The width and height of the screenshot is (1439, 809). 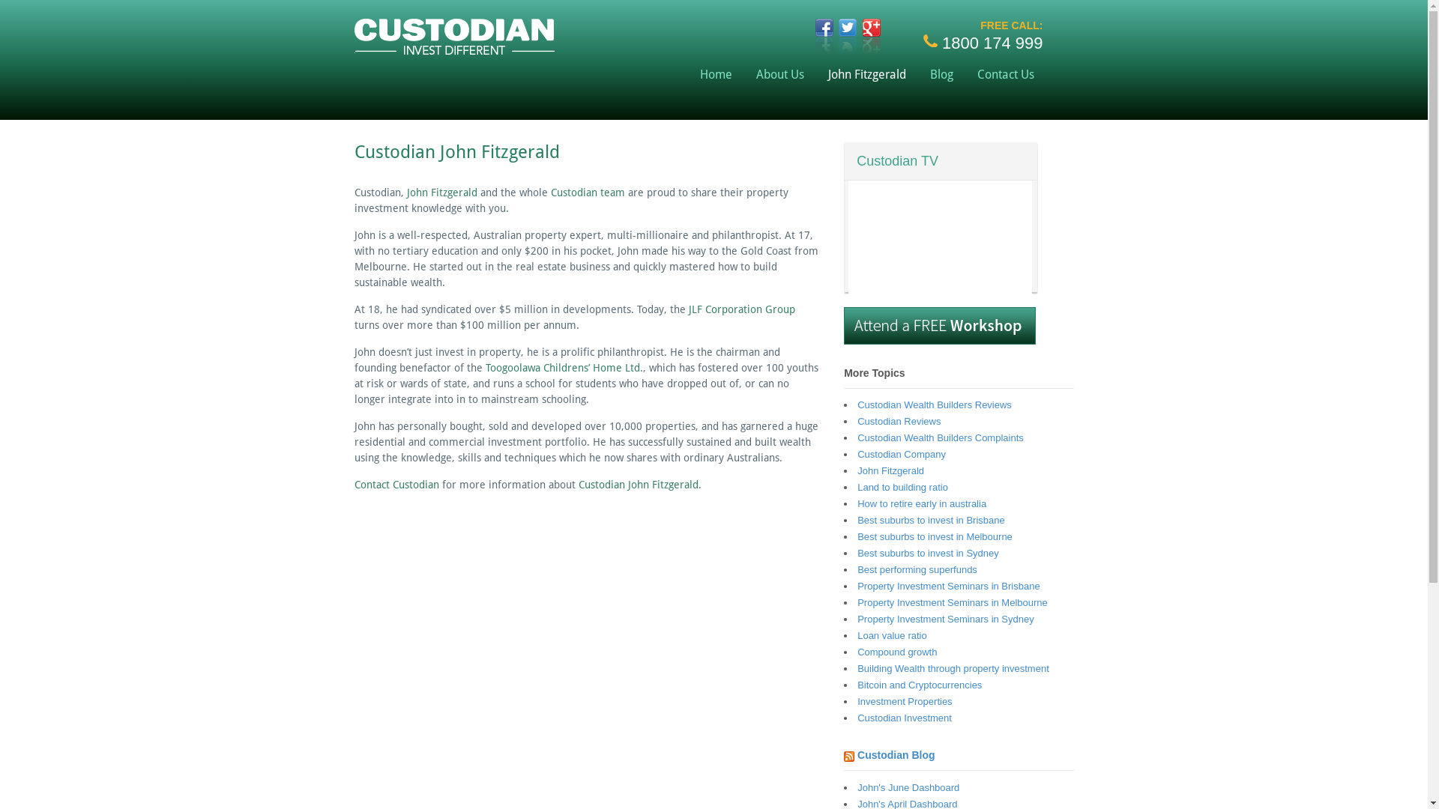 I want to click on 'Best suburbs to invest in Melbourne', so click(x=934, y=536).